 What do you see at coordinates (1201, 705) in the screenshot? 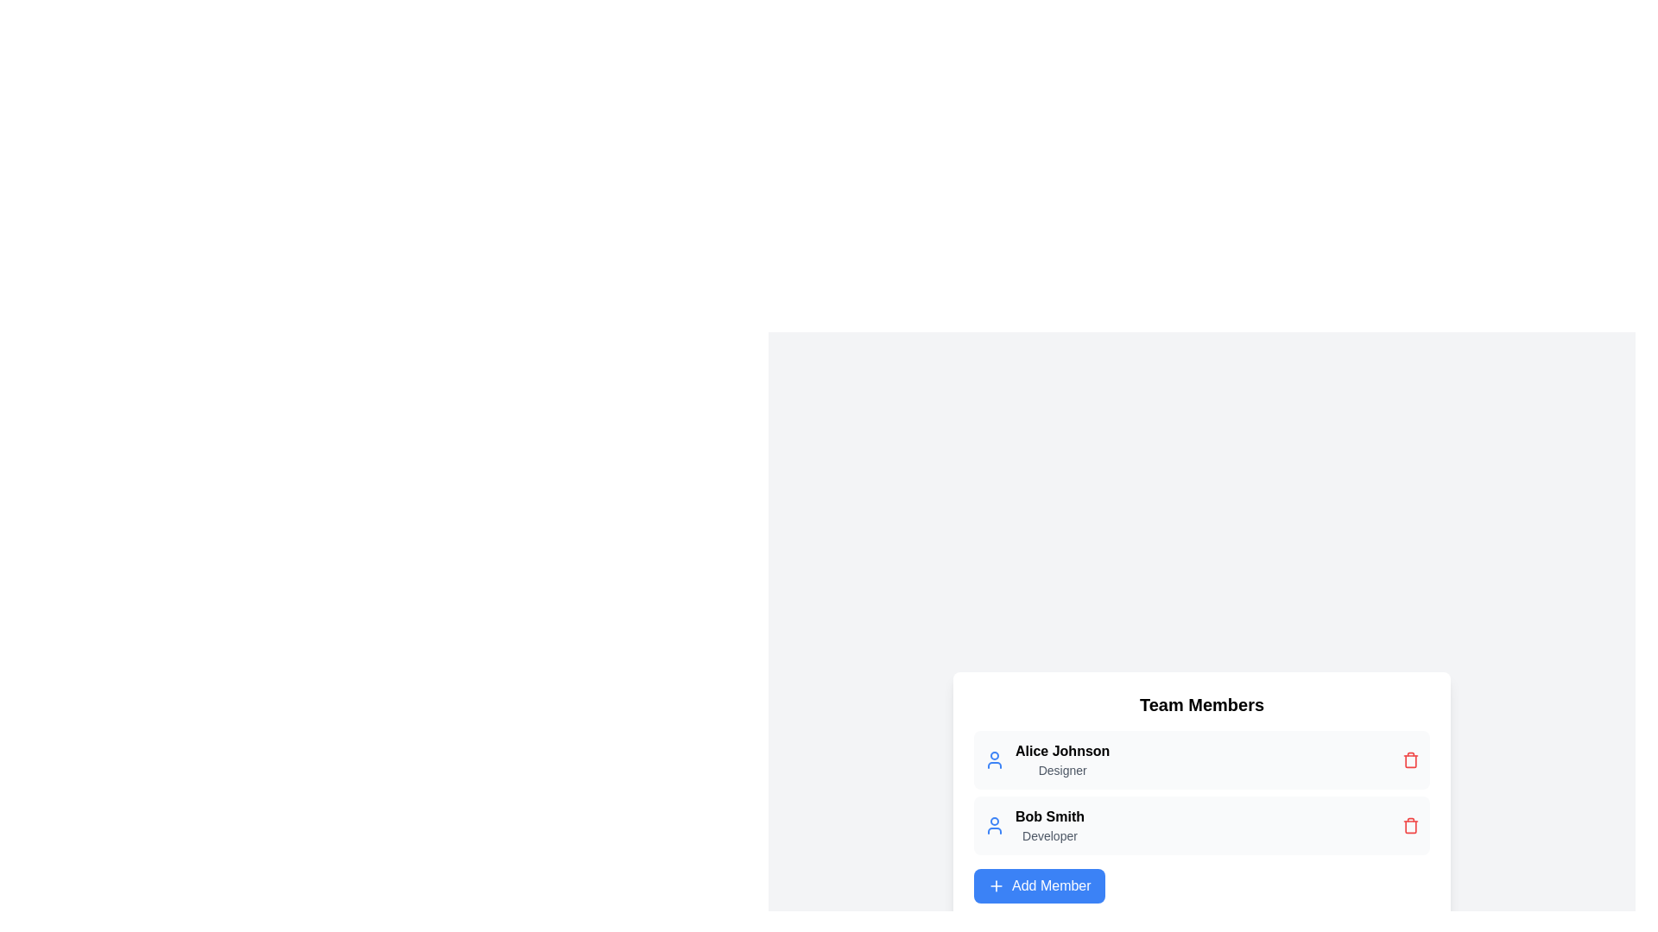
I see `the bold header text 'Team Members' which is prominently displayed at the top of a card layout` at bounding box center [1201, 705].